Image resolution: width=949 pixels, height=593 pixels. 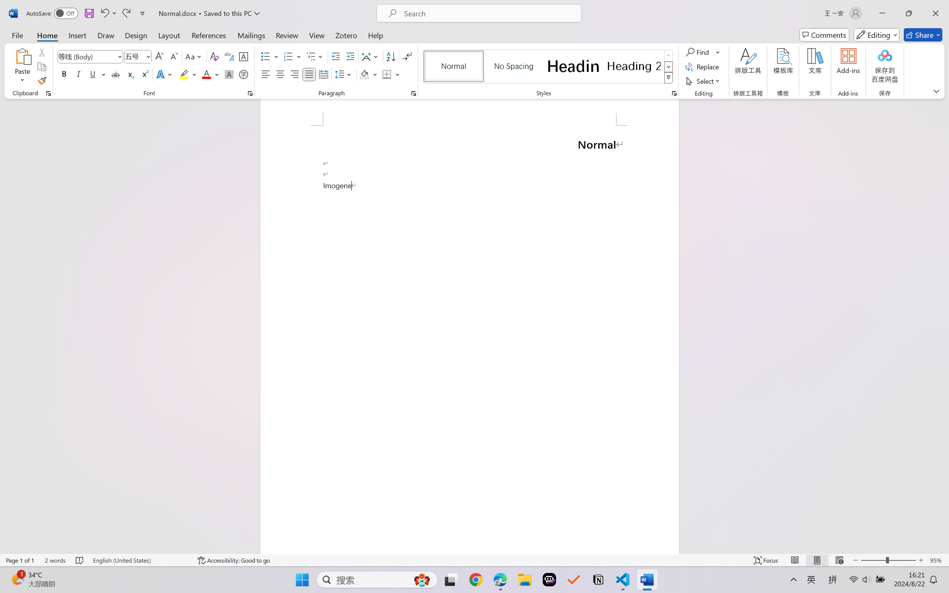 What do you see at coordinates (41, 67) in the screenshot?
I see `'Copy'` at bounding box center [41, 67].